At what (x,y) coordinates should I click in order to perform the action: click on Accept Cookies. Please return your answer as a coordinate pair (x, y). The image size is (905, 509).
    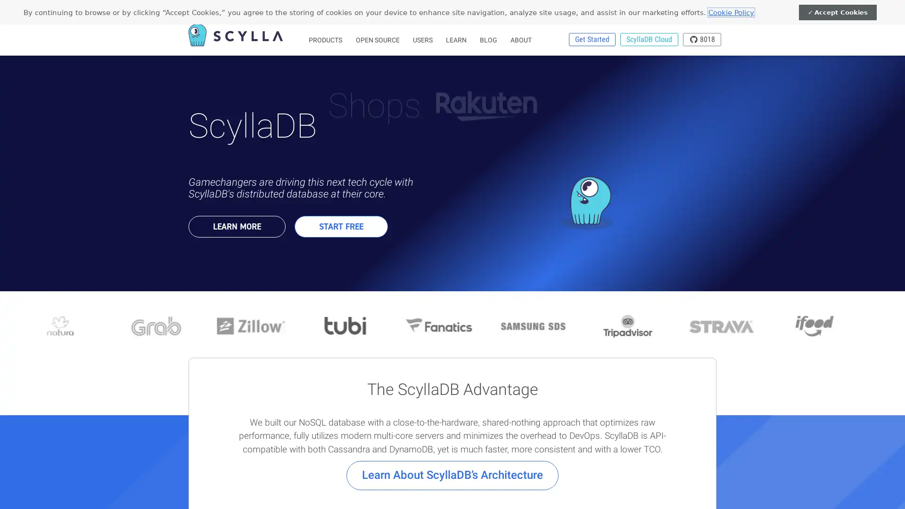
    Looking at the image, I should click on (838, 12).